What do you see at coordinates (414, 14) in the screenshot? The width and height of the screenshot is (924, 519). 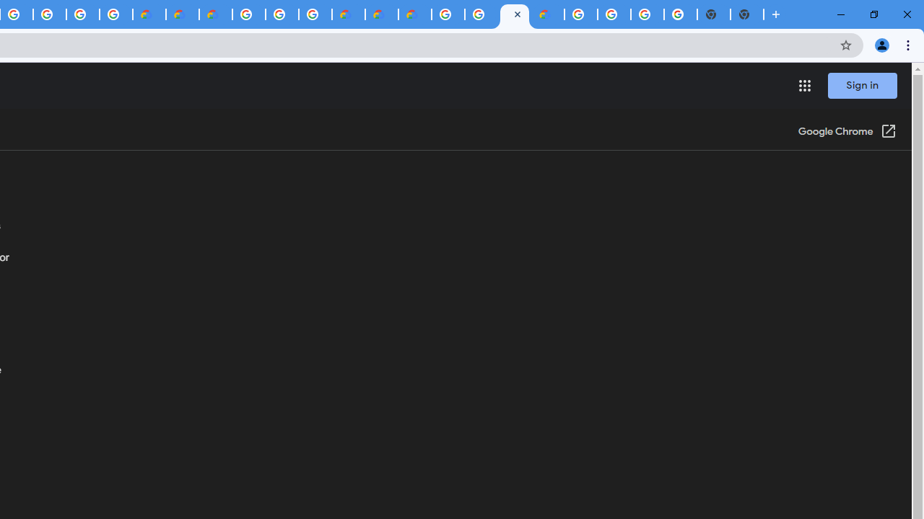 I see `'Google Cloud Estimate Summary'` at bounding box center [414, 14].